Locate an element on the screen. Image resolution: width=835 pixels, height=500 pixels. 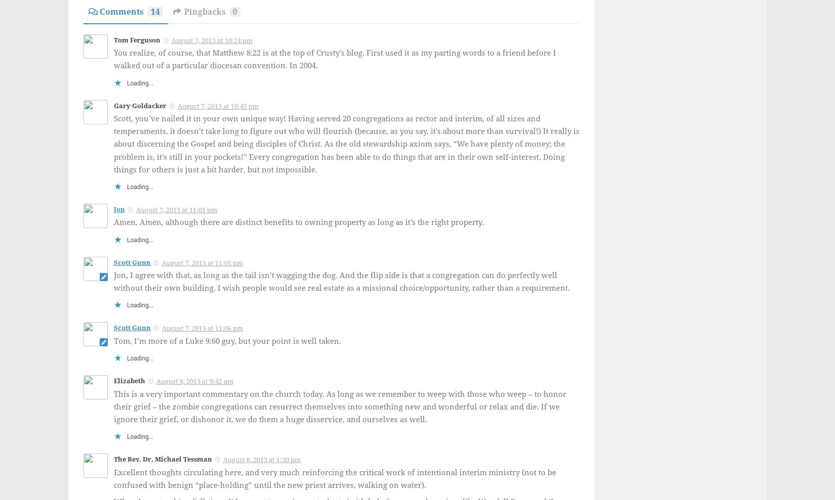
'August 8, 2013 at 1:30 pm' is located at coordinates (261, 459).